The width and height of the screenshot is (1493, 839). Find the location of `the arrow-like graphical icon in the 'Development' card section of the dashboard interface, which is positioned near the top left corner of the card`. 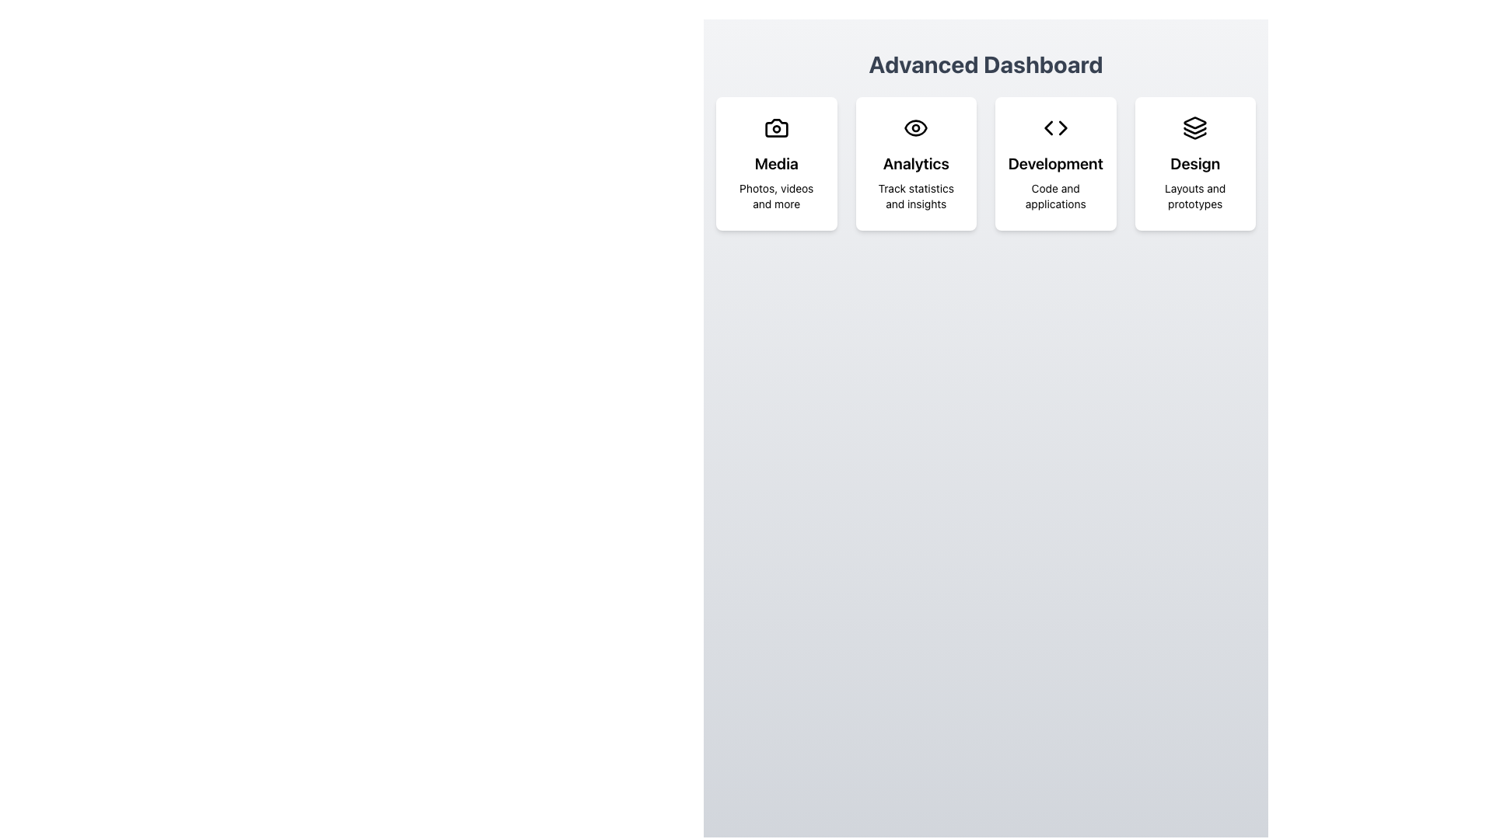

the arrow-like graphical icon in the 'Development' card section of the dashboard interface, which is positioned near the top left corner of the card is located at coordinates (1062, 127).